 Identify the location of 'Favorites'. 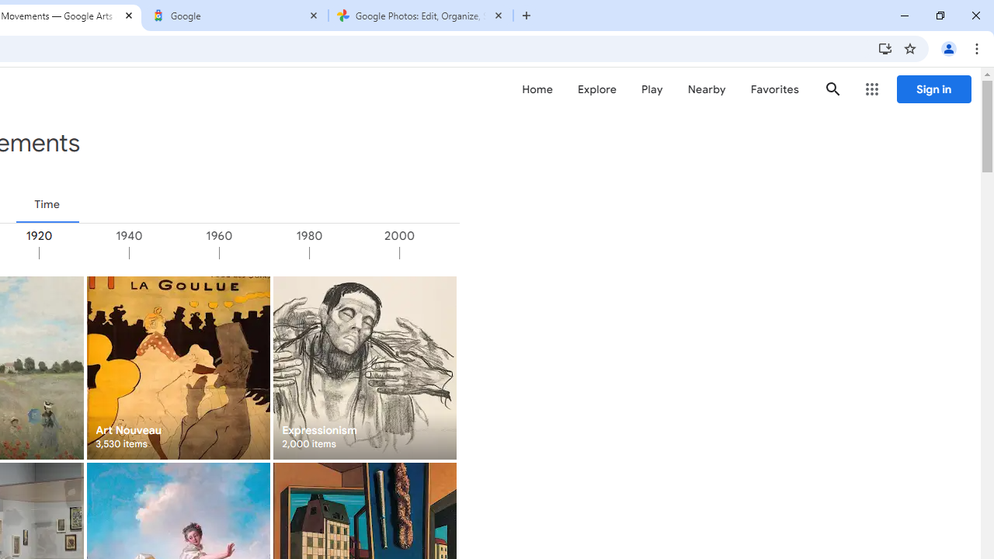
(774, 89).